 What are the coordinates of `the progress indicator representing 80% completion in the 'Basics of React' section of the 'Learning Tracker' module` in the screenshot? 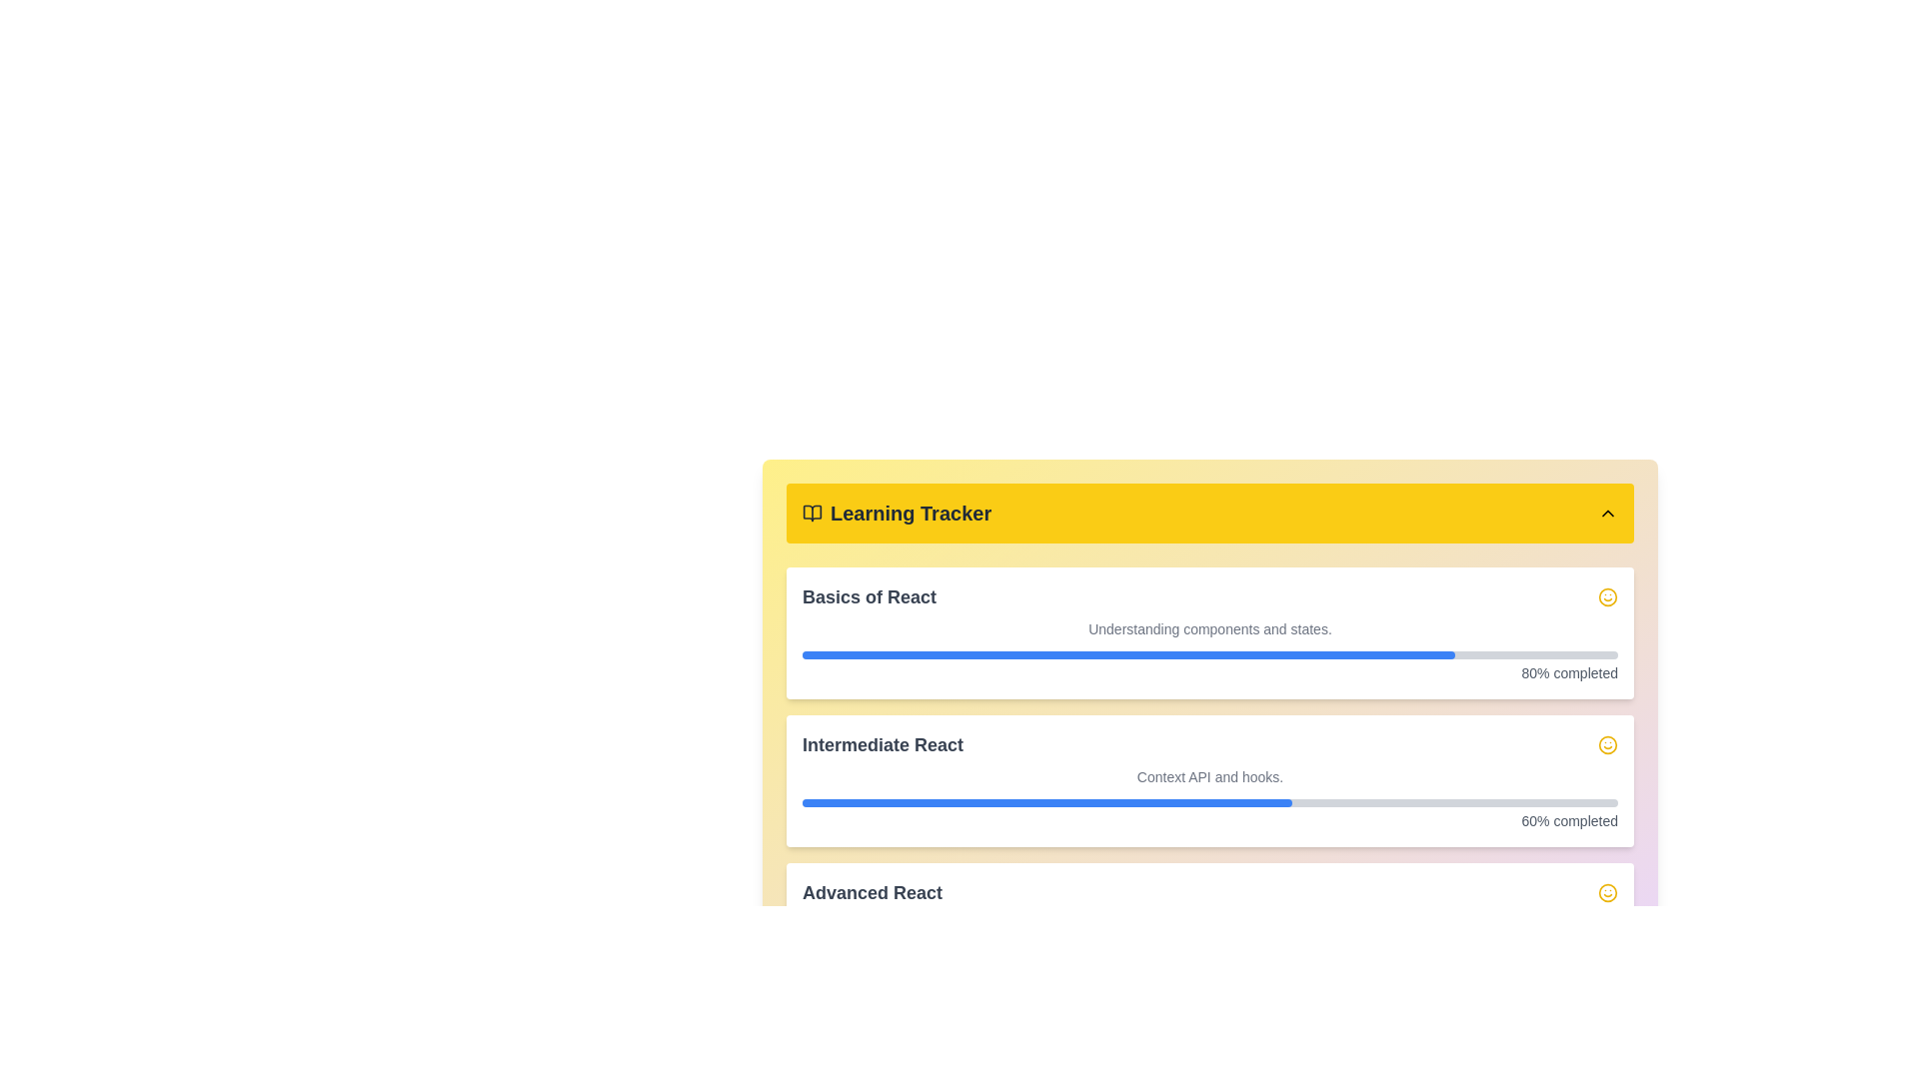 It's located at (1128, 654).